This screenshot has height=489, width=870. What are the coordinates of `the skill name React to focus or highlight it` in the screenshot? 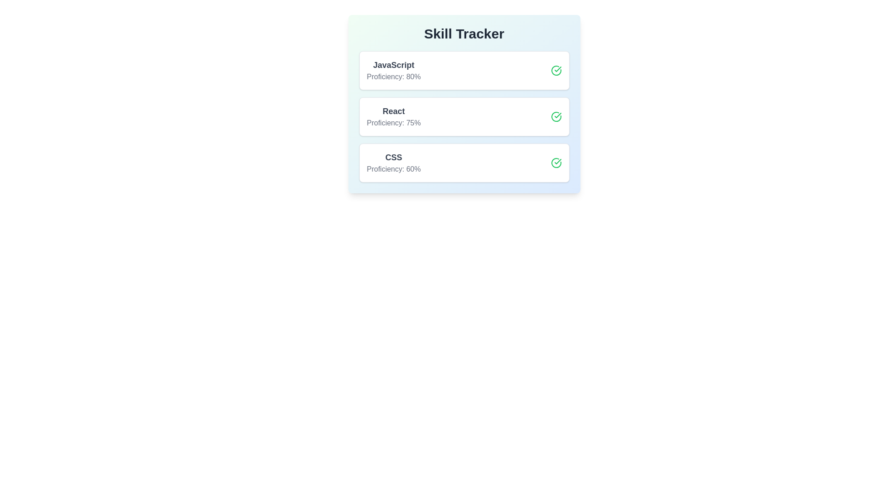 It's located at (393, 111).